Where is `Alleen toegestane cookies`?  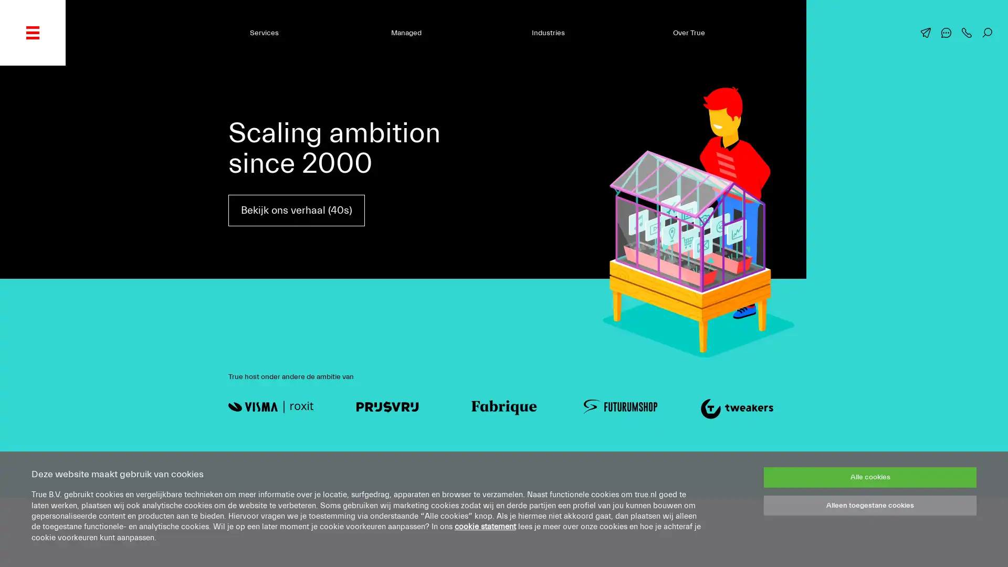
Alleen toegestane cookies is located at coordinates (870, 498).